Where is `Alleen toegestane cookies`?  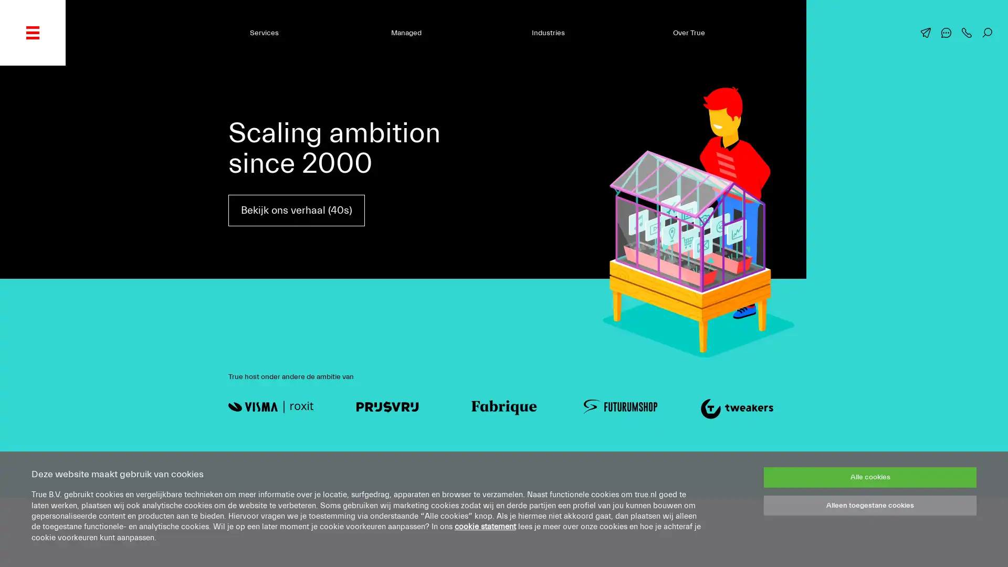
Alleen toegestane cookies is located at coordinates (870, 498).